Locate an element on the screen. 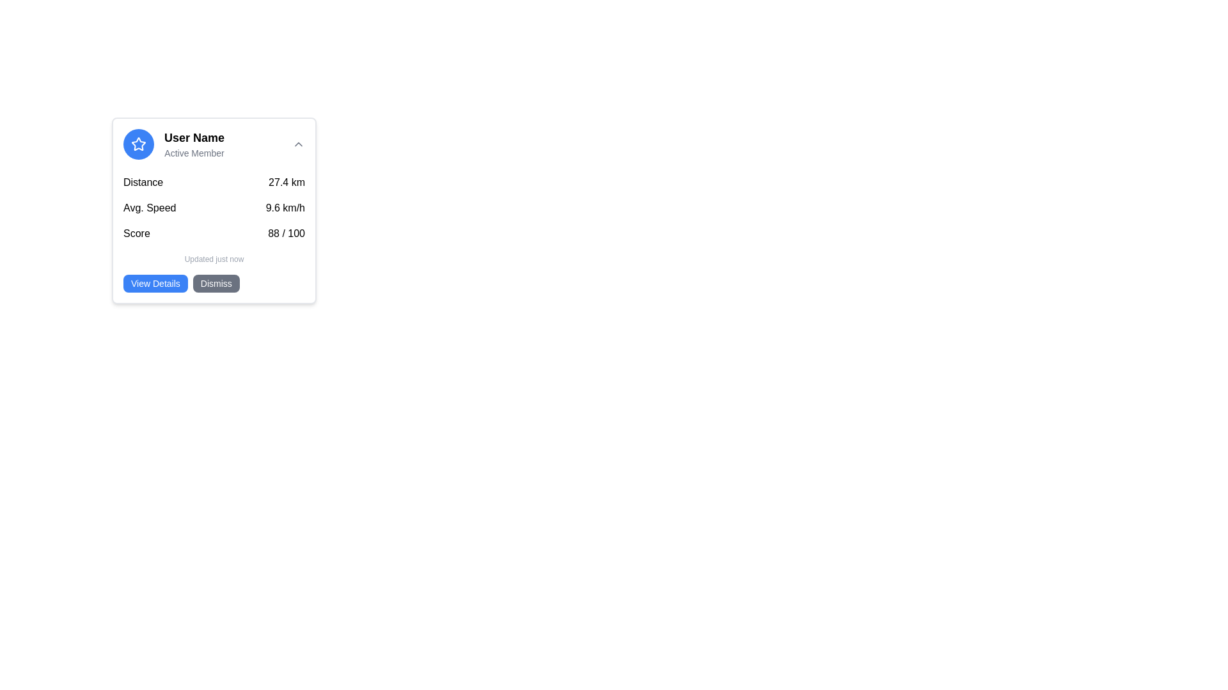 The image size is (1228, 690). the 'View Details' button, which is a rectangular button with a vibrant blue background and white text, located in the lower-left area of the user information card is located at coordinates (155, 282).